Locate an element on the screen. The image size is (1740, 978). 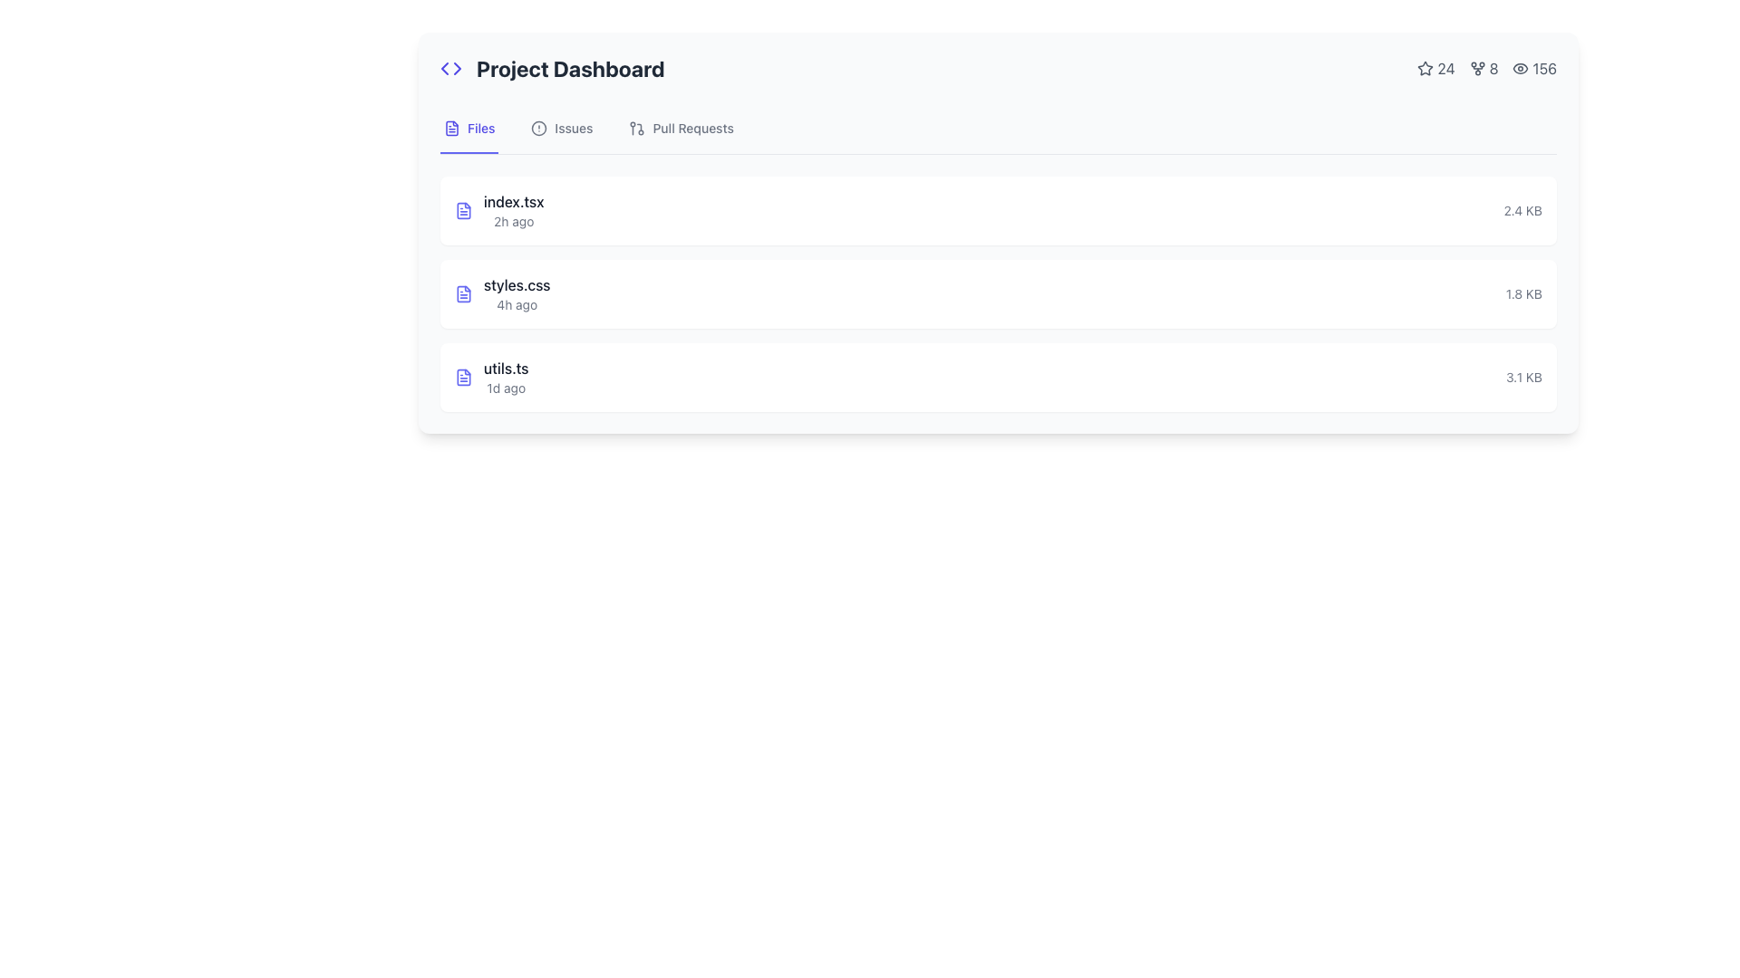
the first Information display row in the project dashboard is located at coordinates (998, 209).